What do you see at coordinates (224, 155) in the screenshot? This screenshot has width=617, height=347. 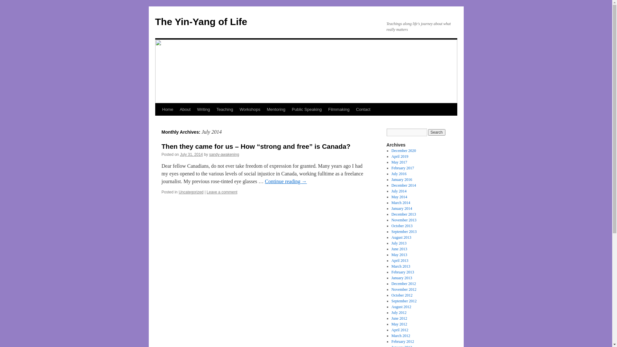 I see `'sandy-awakening'` at bounding box center [224, 155].